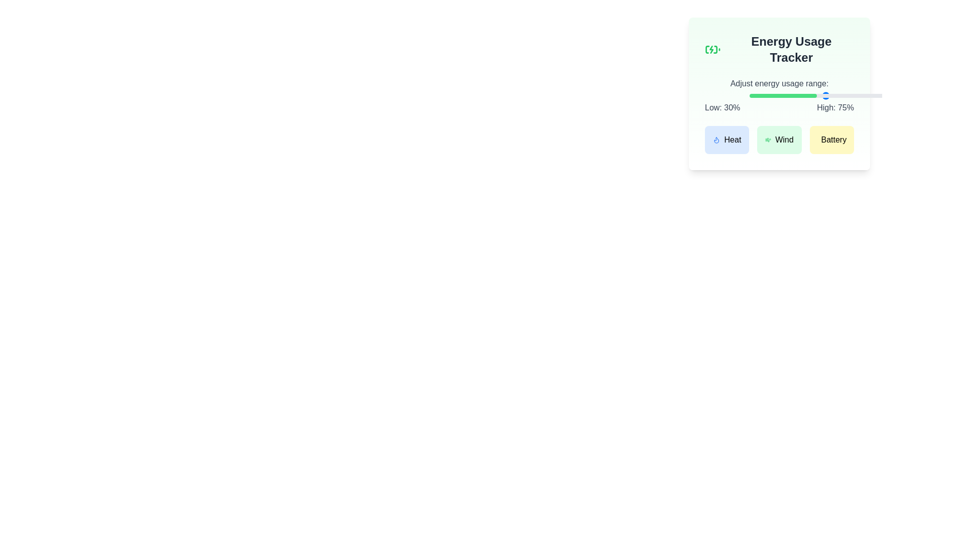 The height and width of the screenshot is (542, 964). What do you see at coordinates (733, 140) in the screenshot?
I see `the 'Heat' button located in the bottom left of the 'Energy Usage Tracker' card` at bounding box center [733, 140].